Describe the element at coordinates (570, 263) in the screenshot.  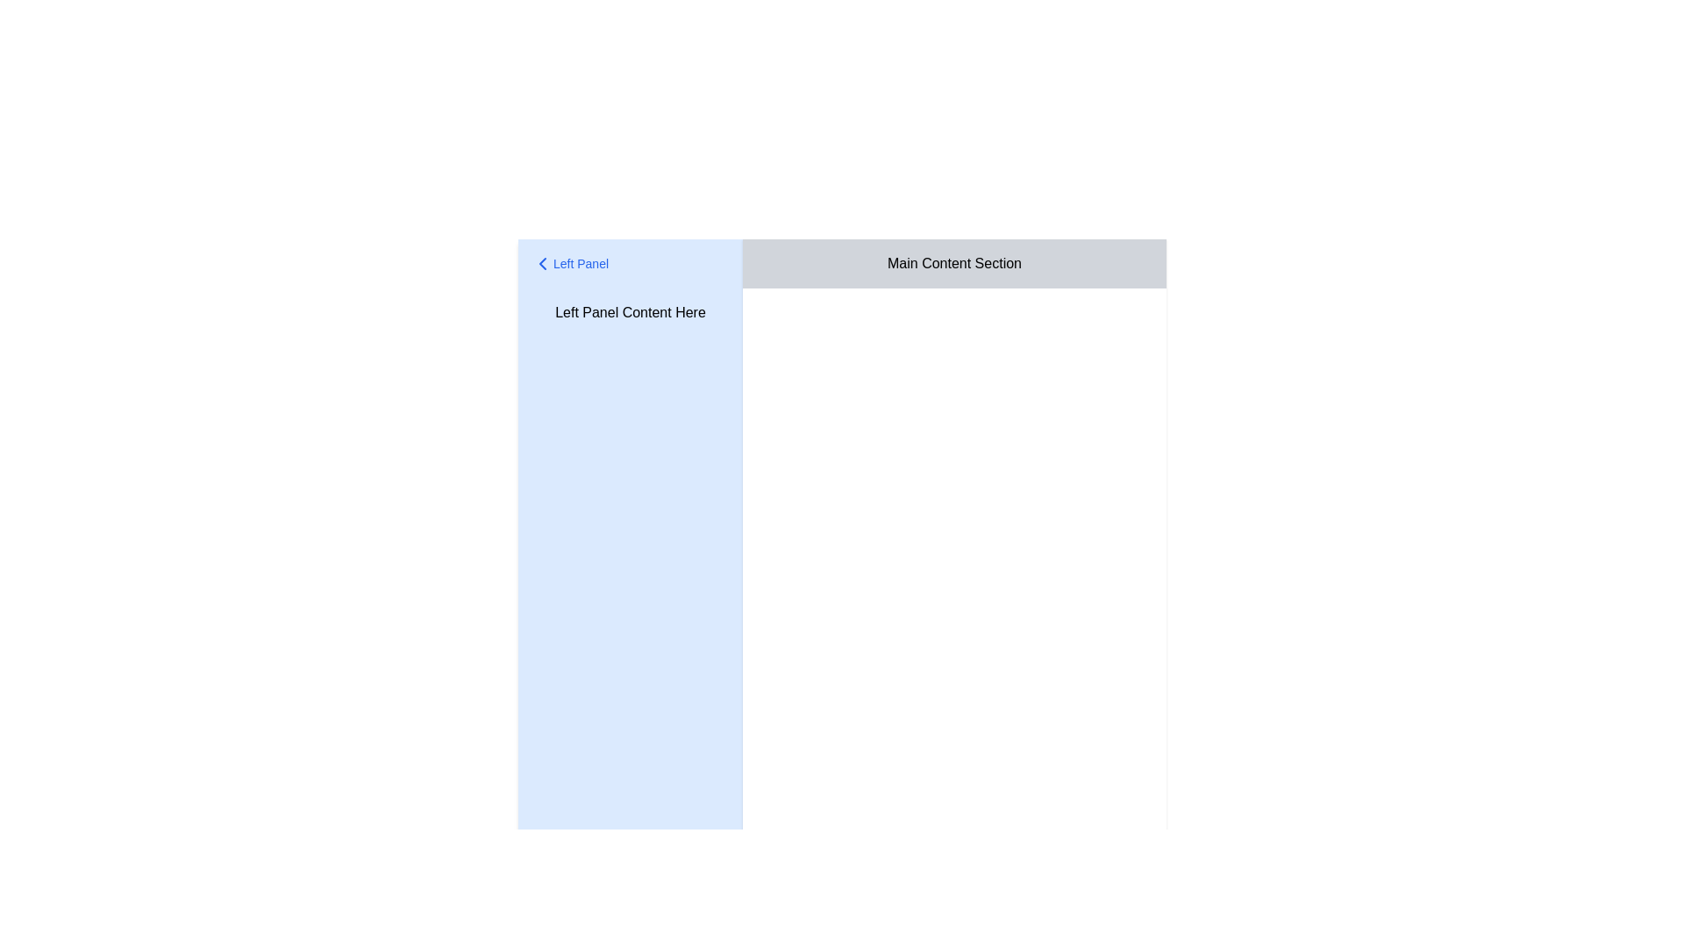
I see `the 'Left Panel' button, which features a blue font and a left-pointing chevron icon` at that location.